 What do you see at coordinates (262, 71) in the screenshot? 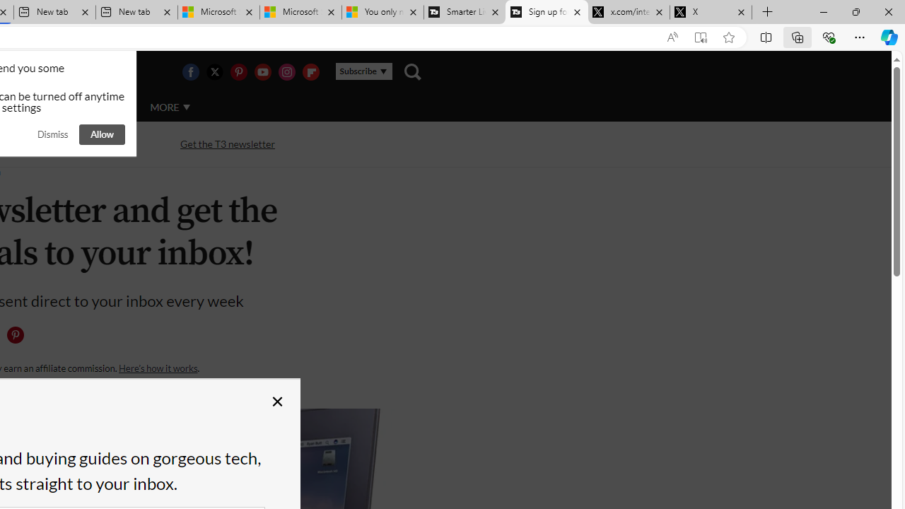
I see `'Visit us on Youtube'` at bounding box center [262, 71].